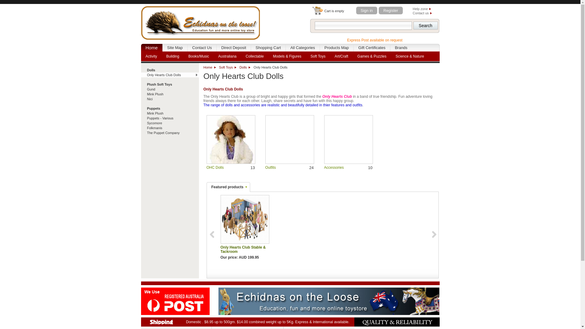 Image resolution: width=585 pixels, height=329 pixels. Describe the element at coordinates (227, 56) in the screenshot. I see `'Australiana'` at that location.